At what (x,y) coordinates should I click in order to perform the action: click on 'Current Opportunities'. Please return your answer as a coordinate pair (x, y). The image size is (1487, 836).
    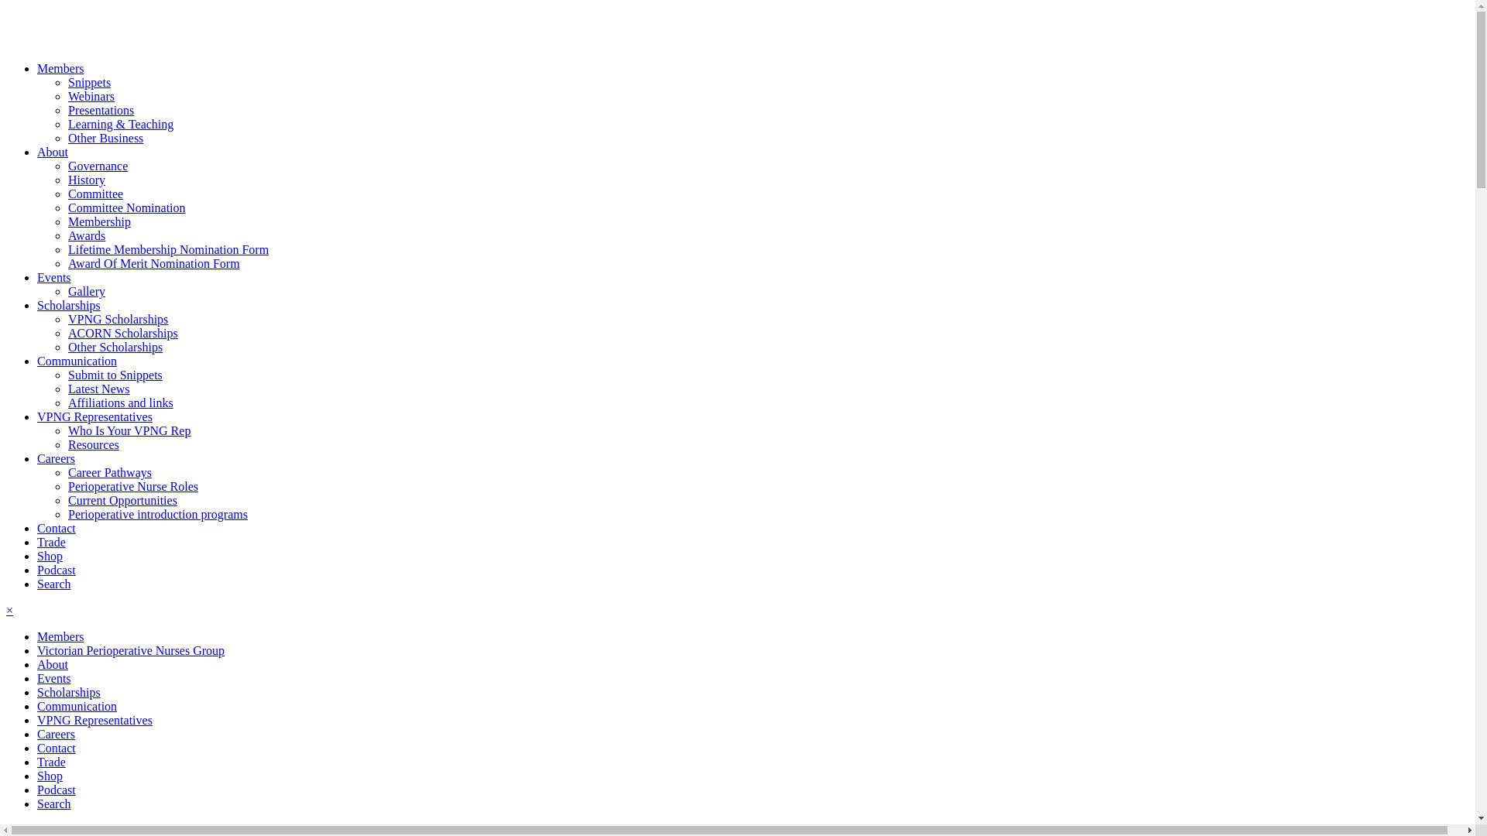
    Looking at the image, I should click on (122, 500).